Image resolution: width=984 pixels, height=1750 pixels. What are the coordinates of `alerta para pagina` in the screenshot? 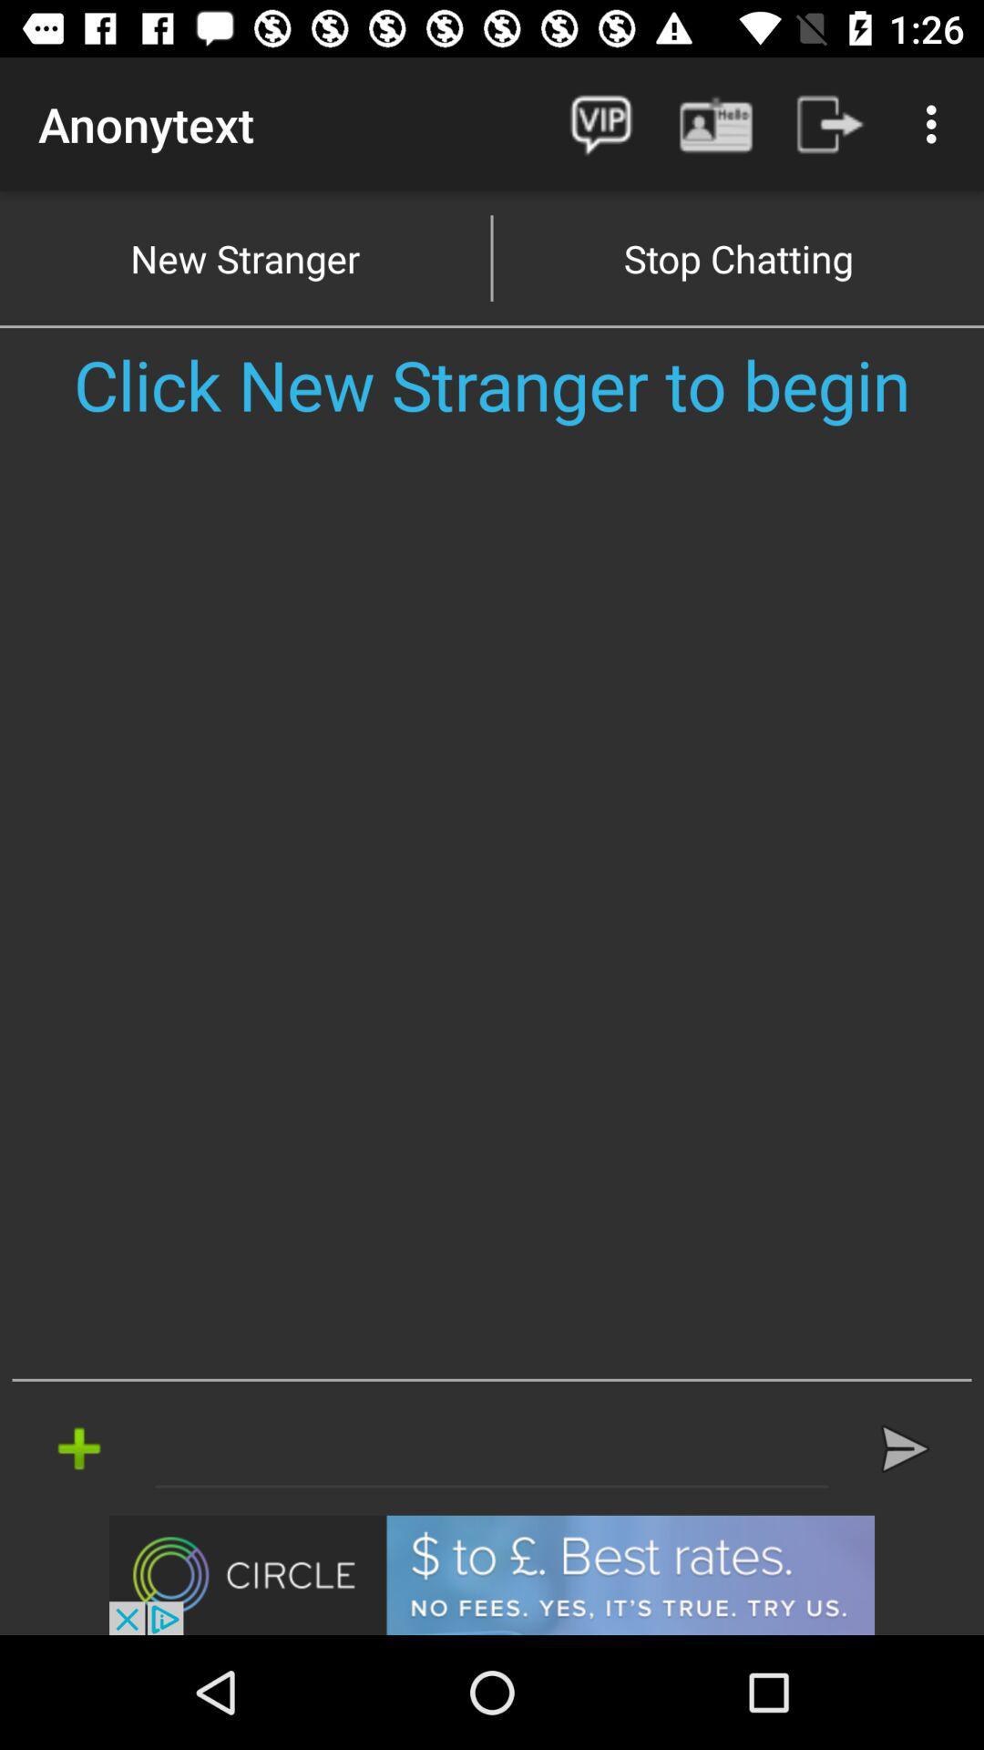 It's located at (492, 1447).